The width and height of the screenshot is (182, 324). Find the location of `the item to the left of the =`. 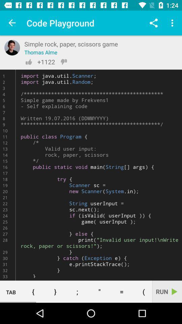

the item to the left of the = is located at coordinates (99, 291).